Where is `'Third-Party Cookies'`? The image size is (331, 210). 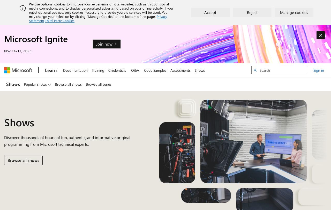 'Third-Party Cookies' is located at coordinates (45, 20).